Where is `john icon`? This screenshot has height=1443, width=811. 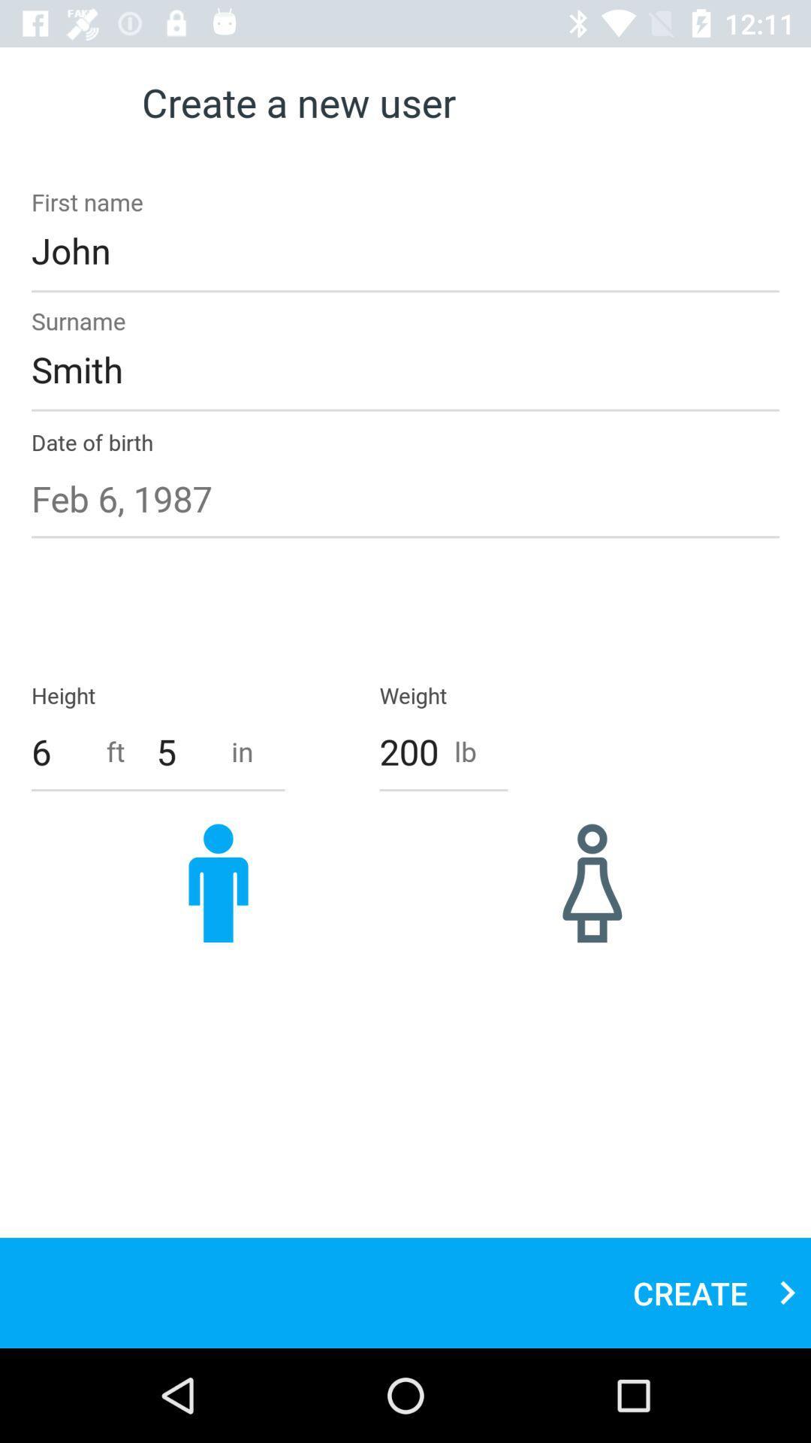
john icon is located at coordinates (405, 250).